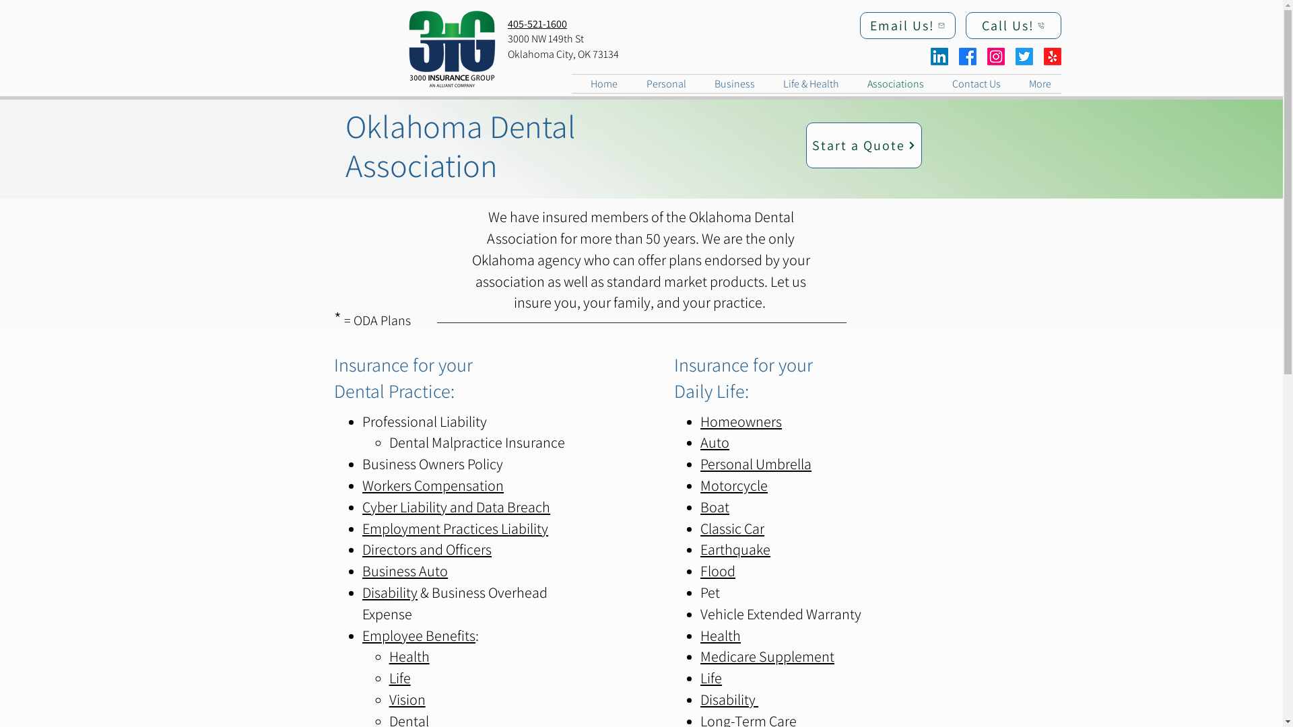  What do you see at coordinates (599, 83) in the screenshot?
I see `'Home'` at bounding box center [599, 83].